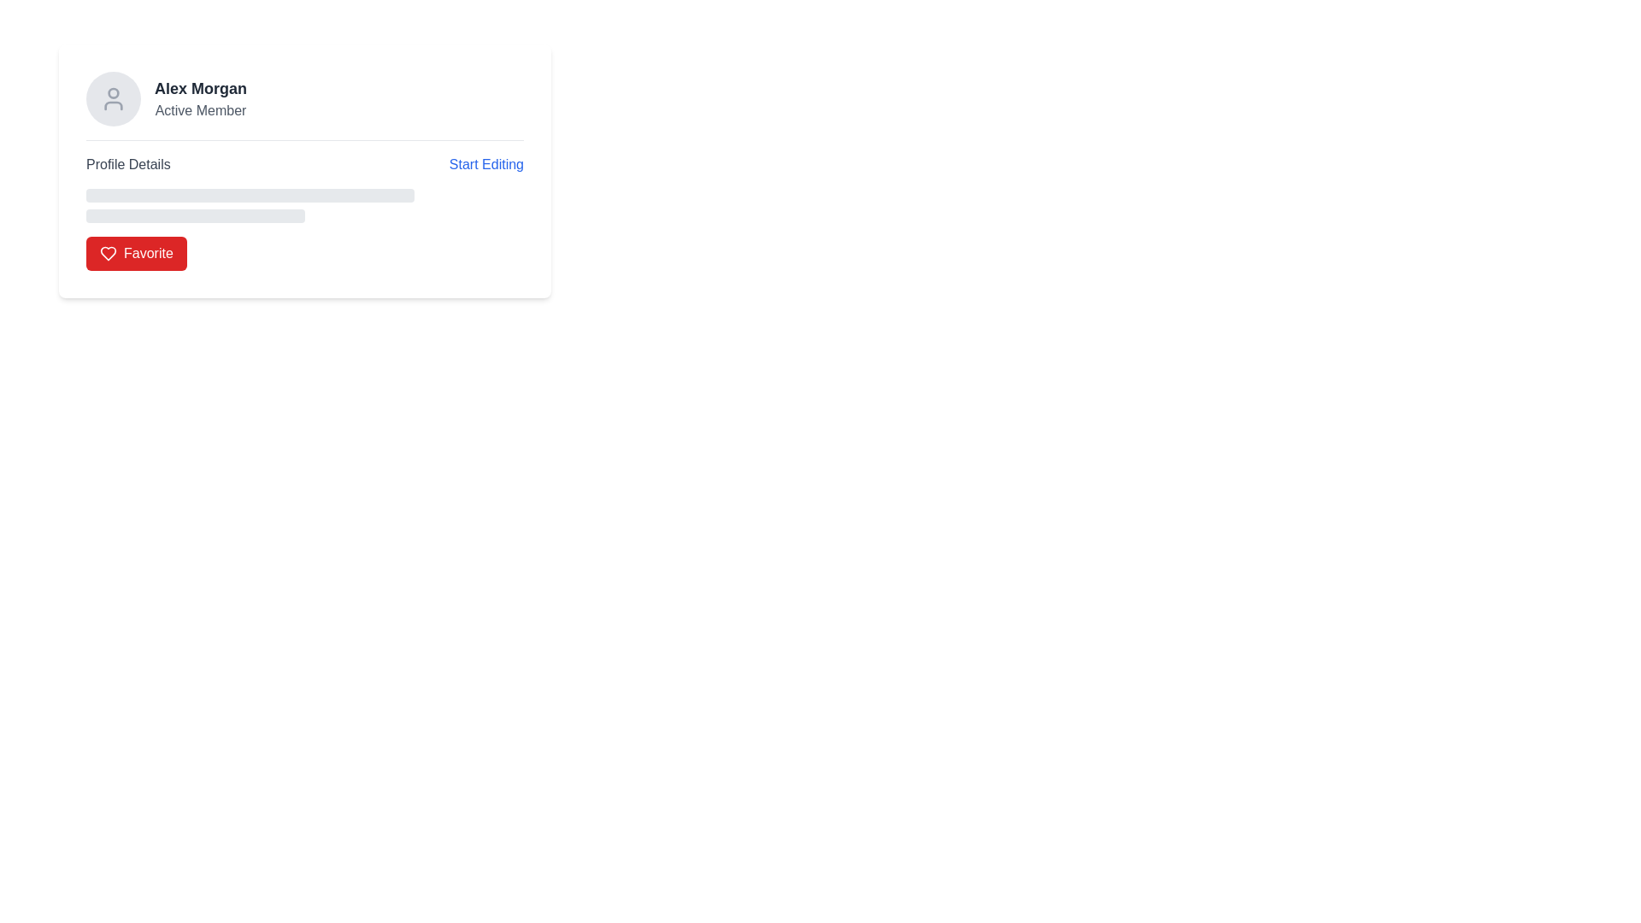  What do you see at coordinates (201, 89) in the screenshot?
I see `the Text label that displays the primary identifier or name of the profile, located above the 'Active Member' label and near the avatar icon` at bounding box center [201, 89].